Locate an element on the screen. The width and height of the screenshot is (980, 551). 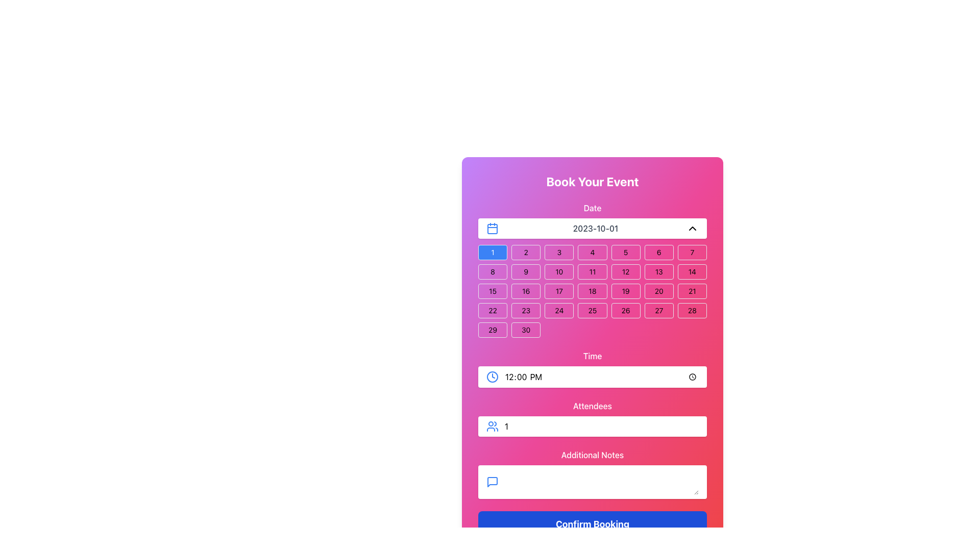
the pink button labeled '2' is located at coordinates (526, 252).